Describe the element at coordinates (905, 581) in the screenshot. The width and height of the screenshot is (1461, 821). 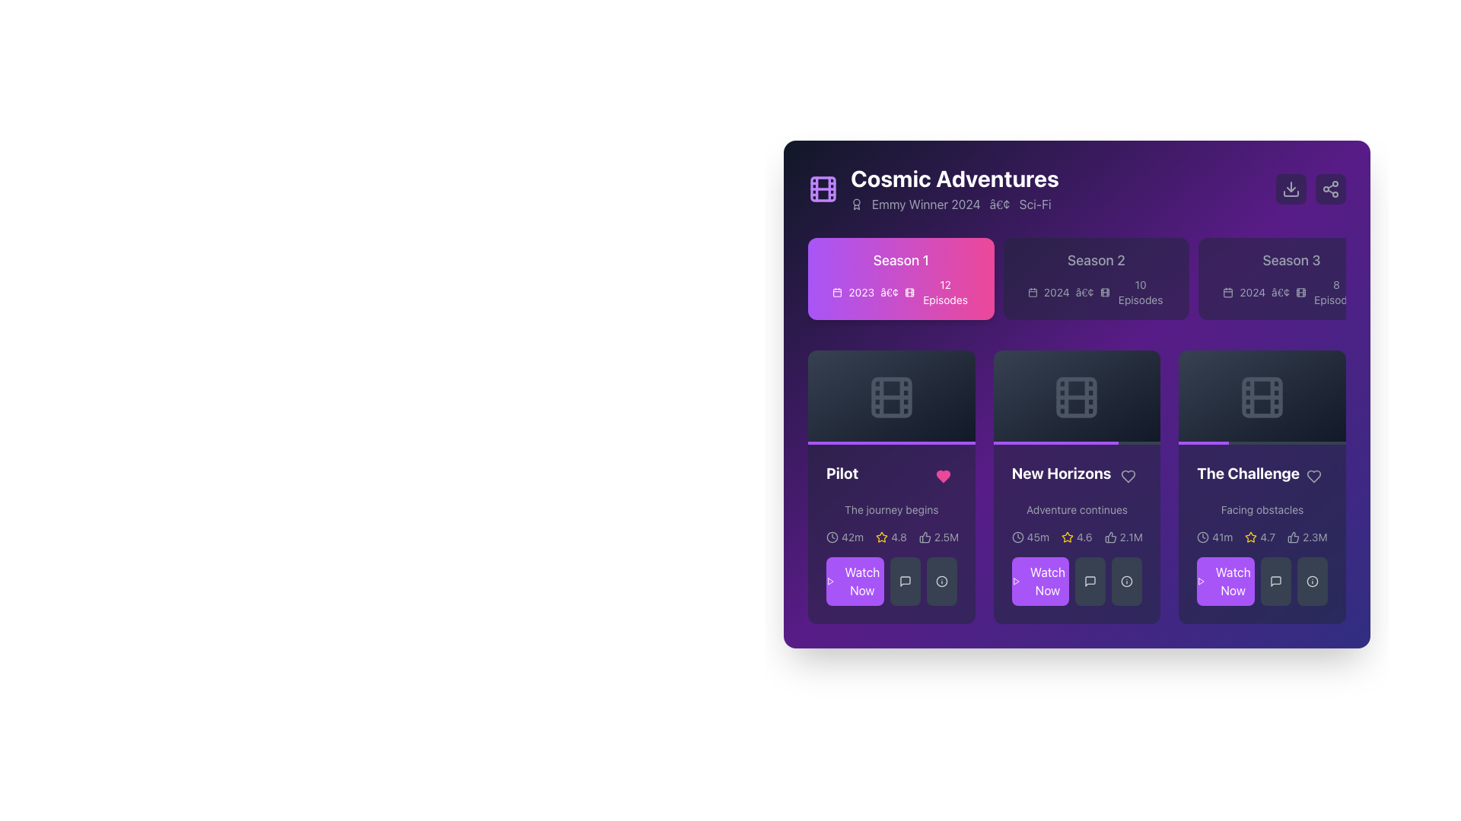
I see `the speech bubble icon button associated with messaging or comment features` at that location.